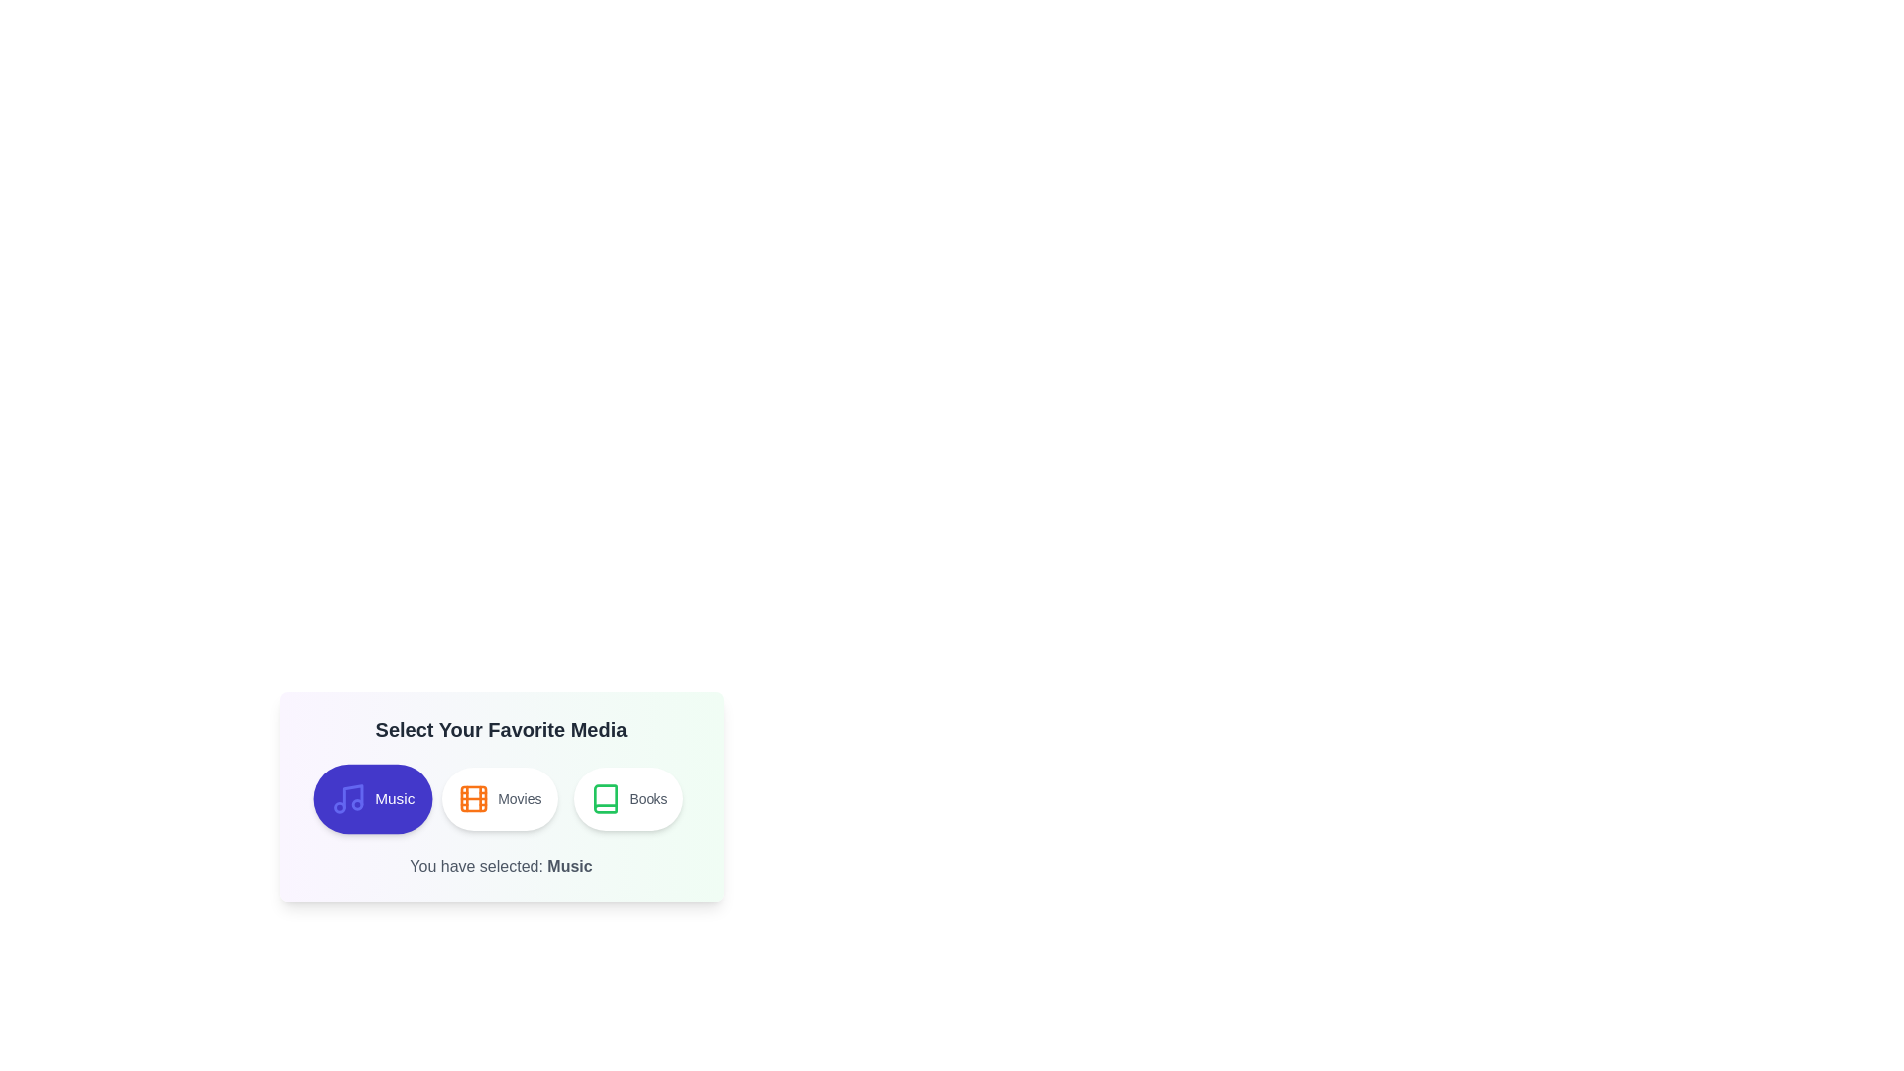 The height and width of the screenshot is (1071, 1904). Describe the element at coordinates (500, 798) in the screenshot. I see `the media button labeled Movies to observe its hover effect` at that location.